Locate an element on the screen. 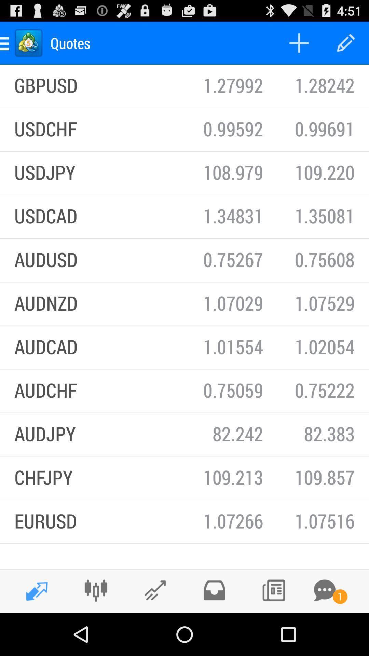  the edit icon is located at coordinates (33, 632).